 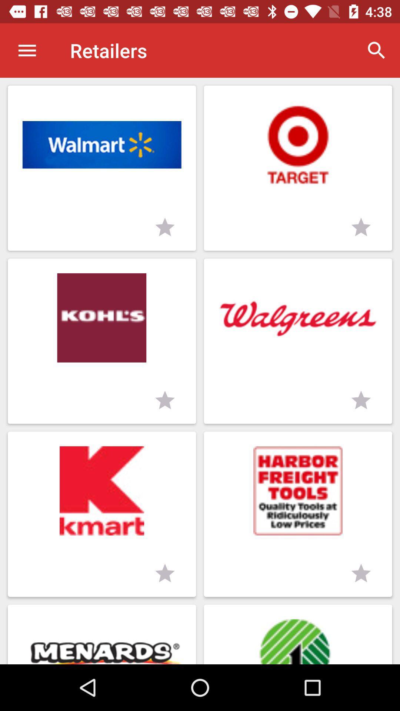 I want to click on icon next to retailers, so click(x=27, y=50).